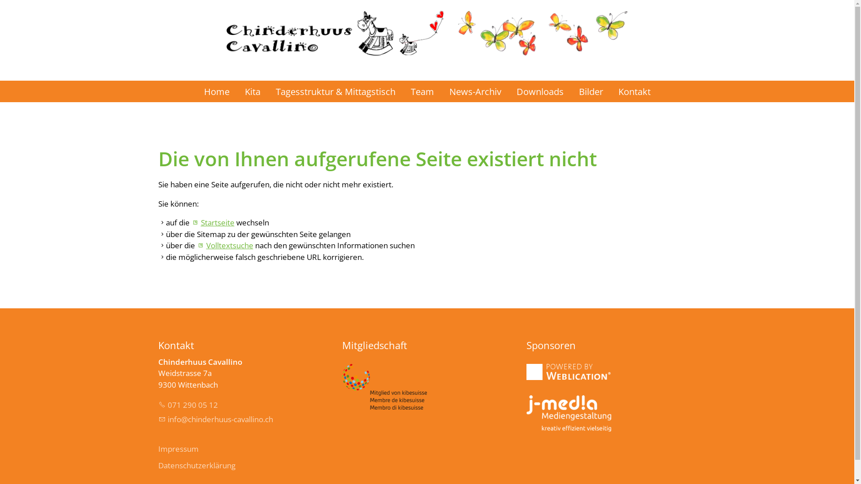 This screenshot has height=484, width=861. Describe the element at coordinates (474, 91) in the screenshot. I see `'News-Archiv'` at that location.